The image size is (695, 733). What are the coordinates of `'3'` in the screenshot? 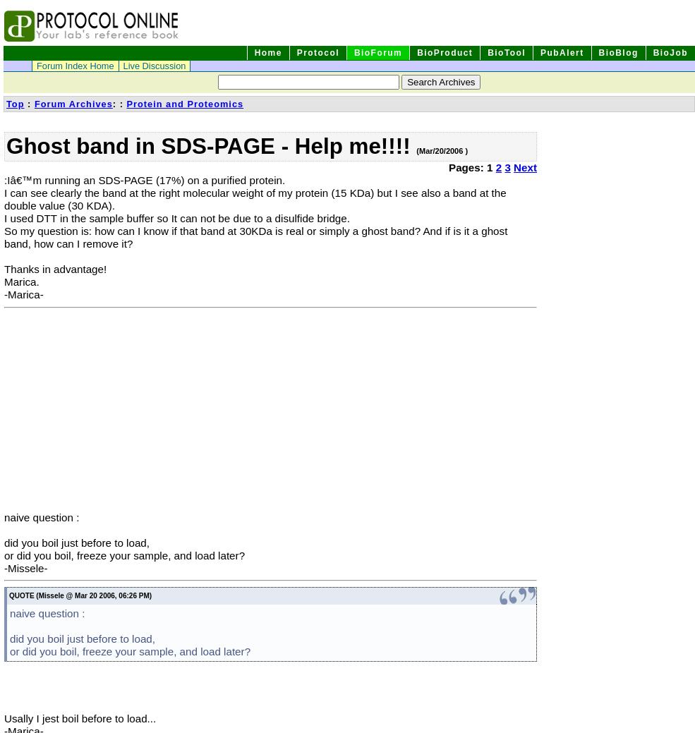 It's located at (507, 167).